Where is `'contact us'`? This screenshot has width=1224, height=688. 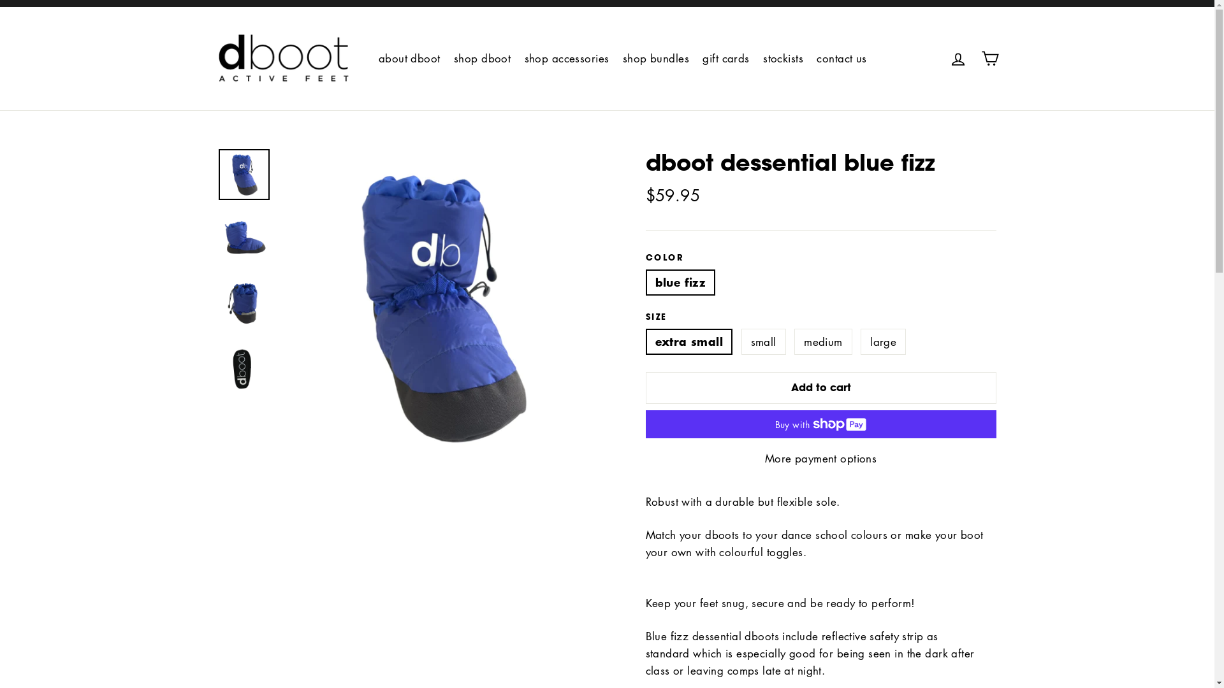 'contact us' is located at coordinates (841, 59).